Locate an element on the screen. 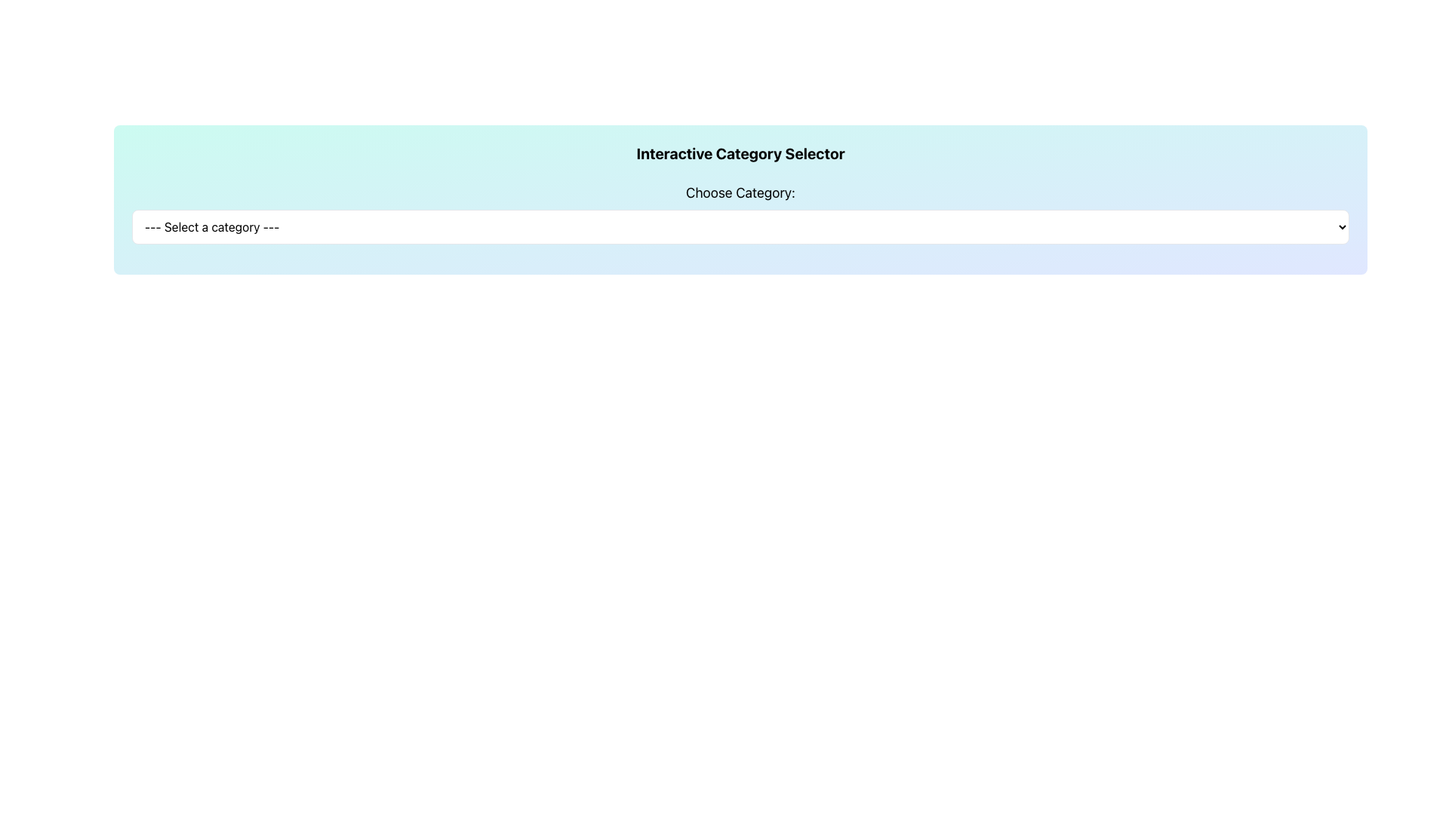 This screenshot has width=1449, height=815. the dropdown menu is located at coordinates (740, 213).